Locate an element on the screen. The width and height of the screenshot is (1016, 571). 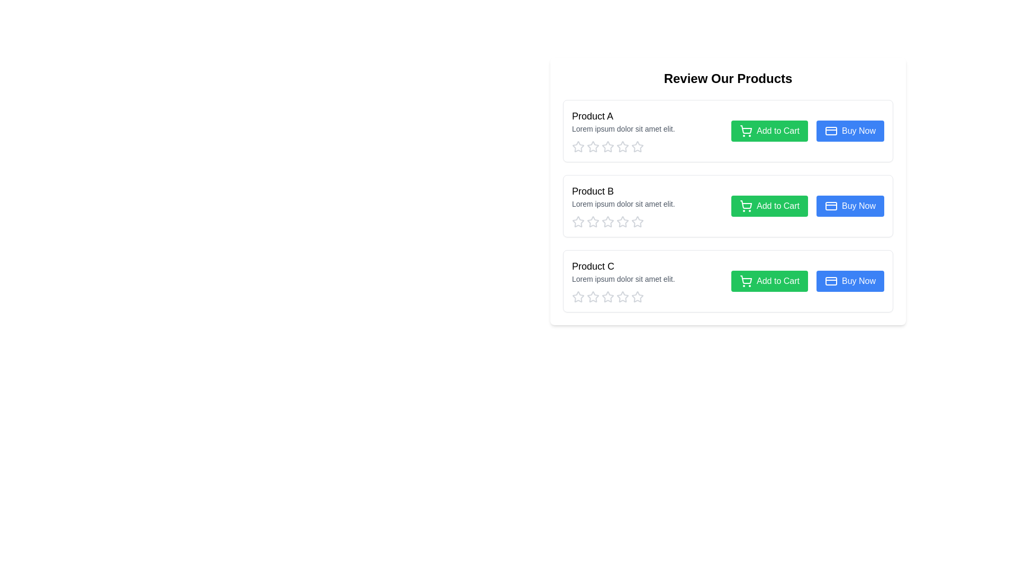
the star in the rating system for 'Product C' is located at coordinates (607, 297).